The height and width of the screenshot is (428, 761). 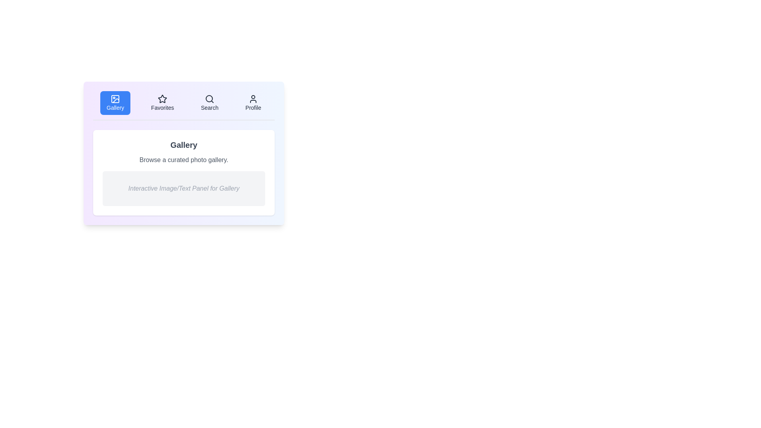 What do you see at coordinates (209, 102) in the screenshot?
I see `the Search tab` at bounding box center [209, 102].